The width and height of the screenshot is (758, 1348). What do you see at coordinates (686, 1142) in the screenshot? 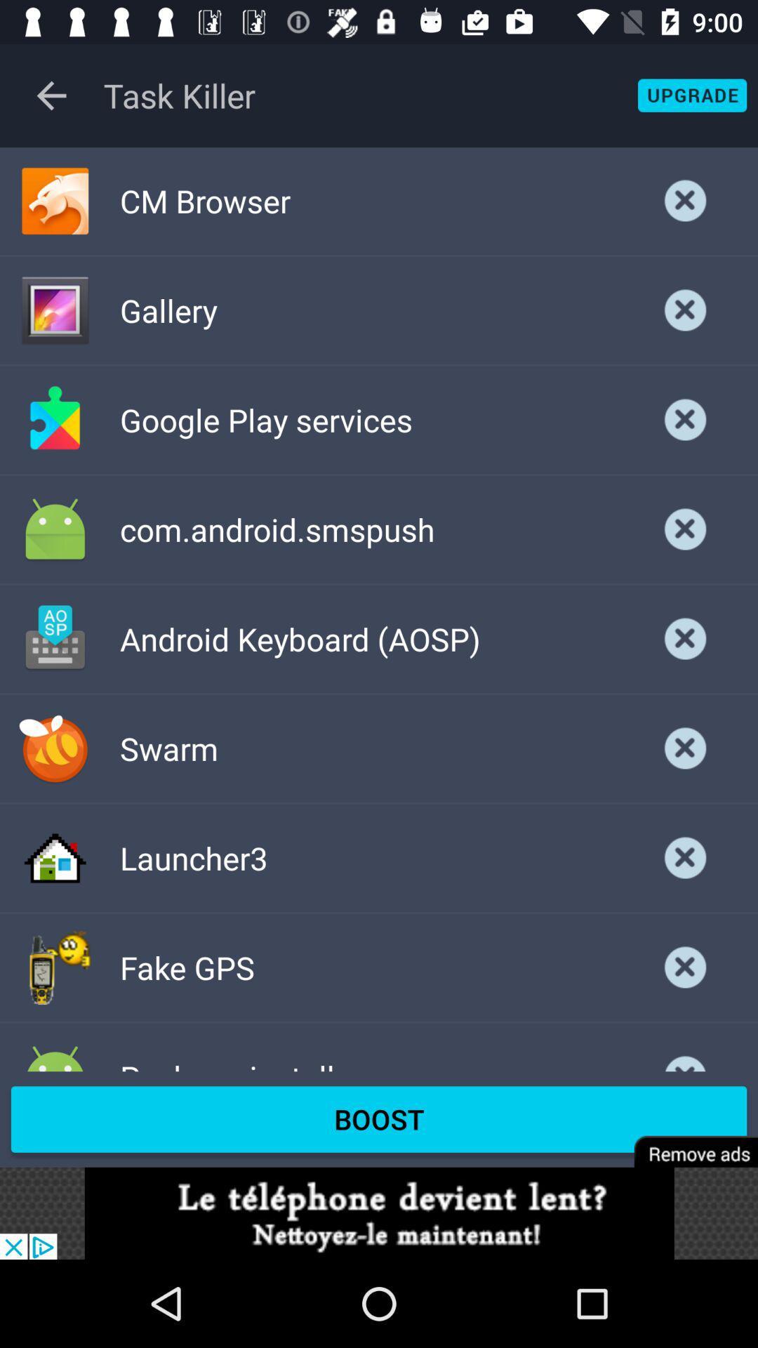
I see `remove page` at bounding box center [686, 1142].